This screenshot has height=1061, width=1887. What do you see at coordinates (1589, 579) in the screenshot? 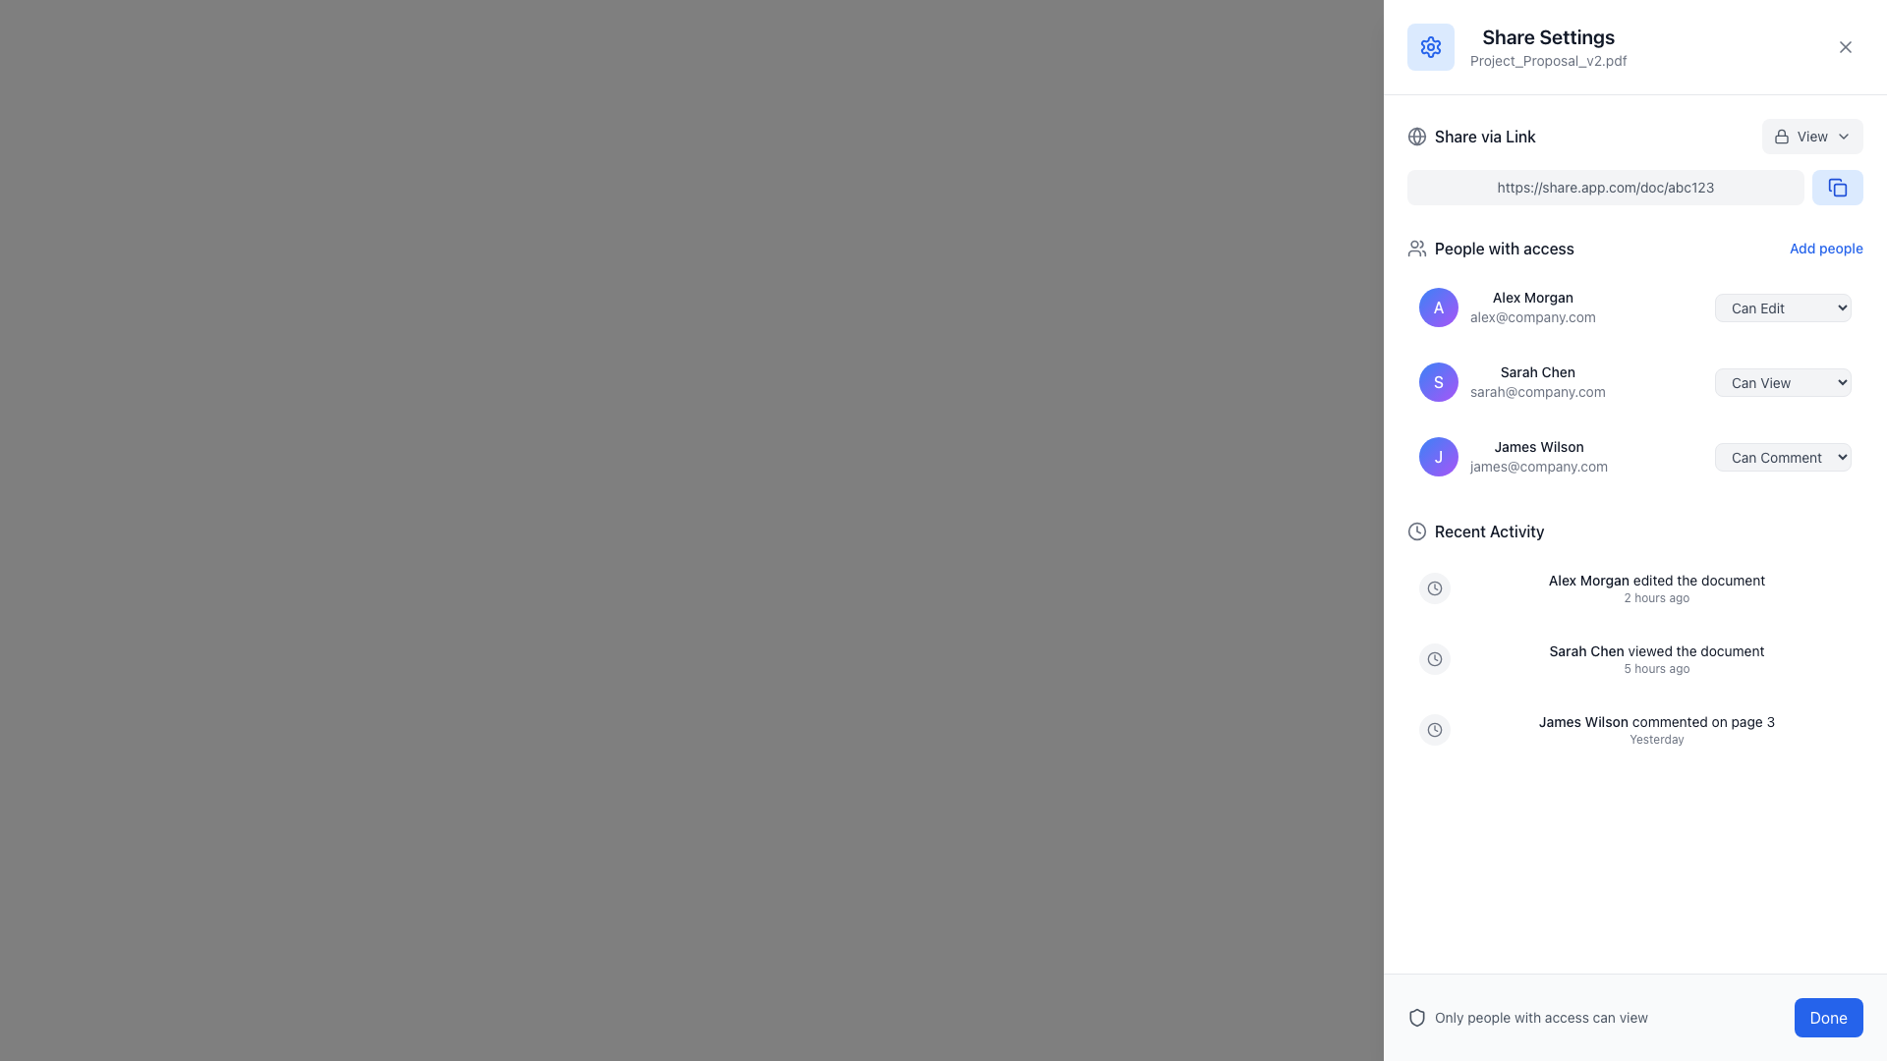
I see `the text label displaying the name 'Alex Morgan'` at bounding box center [1589, 579].